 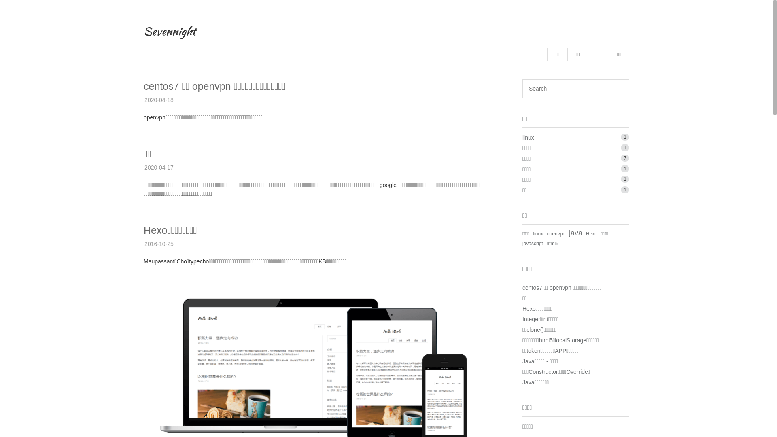 What do you see at coordinates (555, 234) in the screenshot?
I see `'openvpn'` at bounding box center [555, 234].